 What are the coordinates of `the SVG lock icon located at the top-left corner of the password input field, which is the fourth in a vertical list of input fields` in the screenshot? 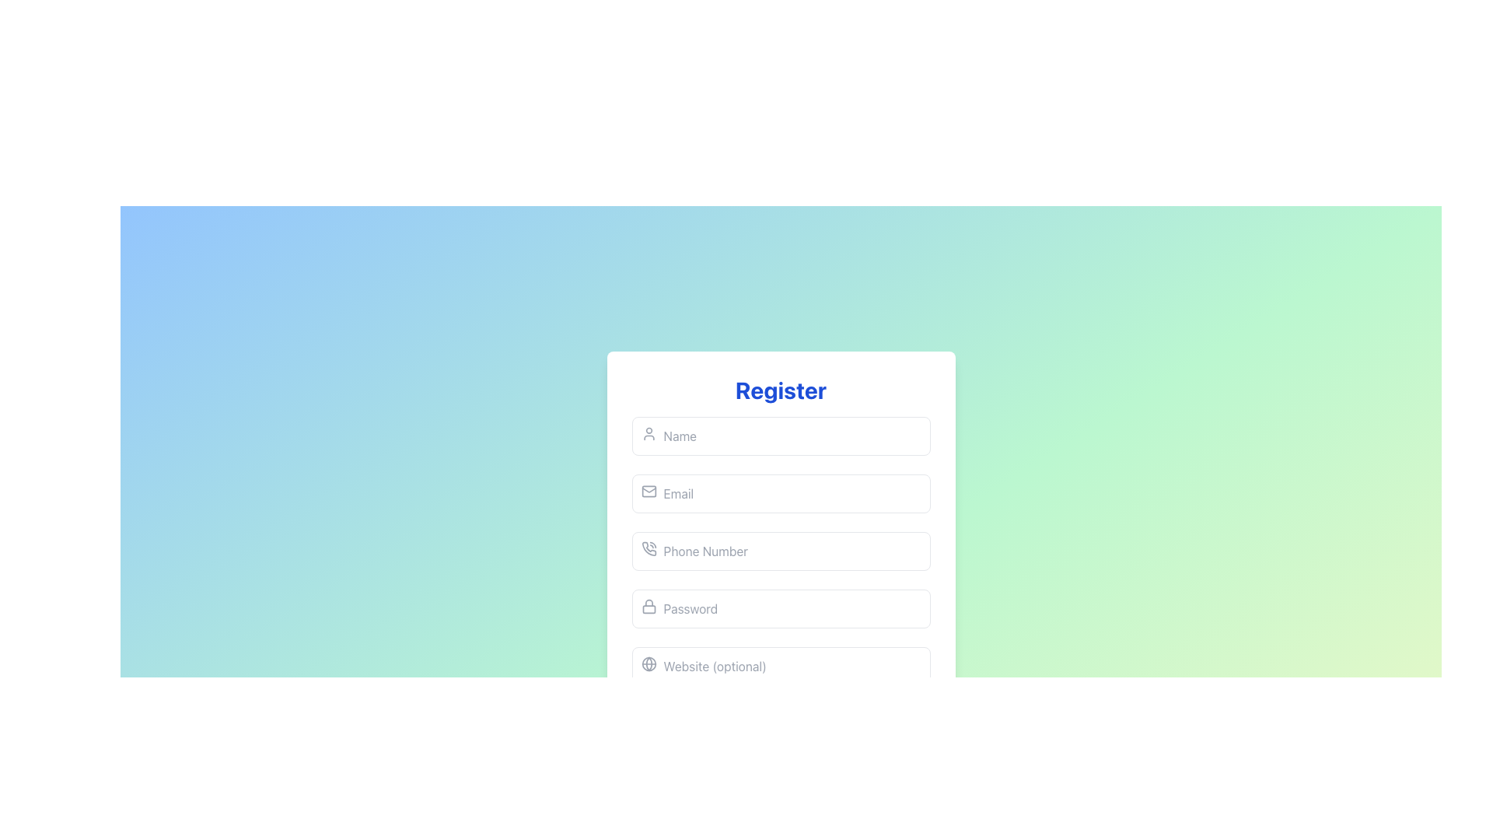 It's located at (649, 605).